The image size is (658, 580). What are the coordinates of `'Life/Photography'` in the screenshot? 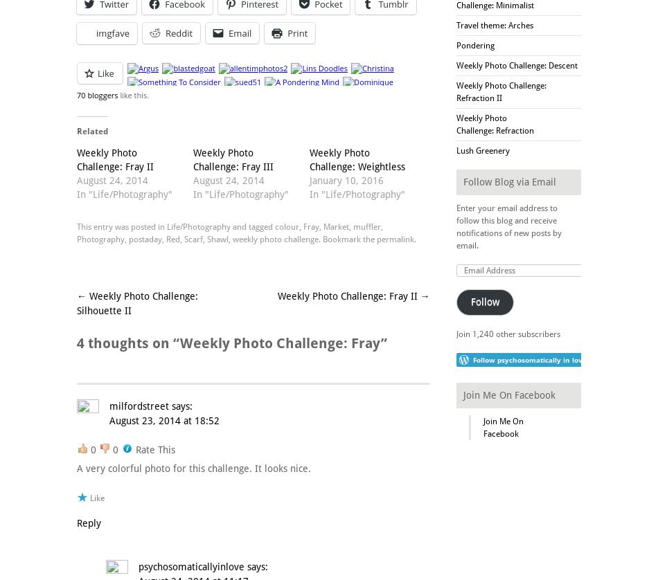 It's located at (197, 225).